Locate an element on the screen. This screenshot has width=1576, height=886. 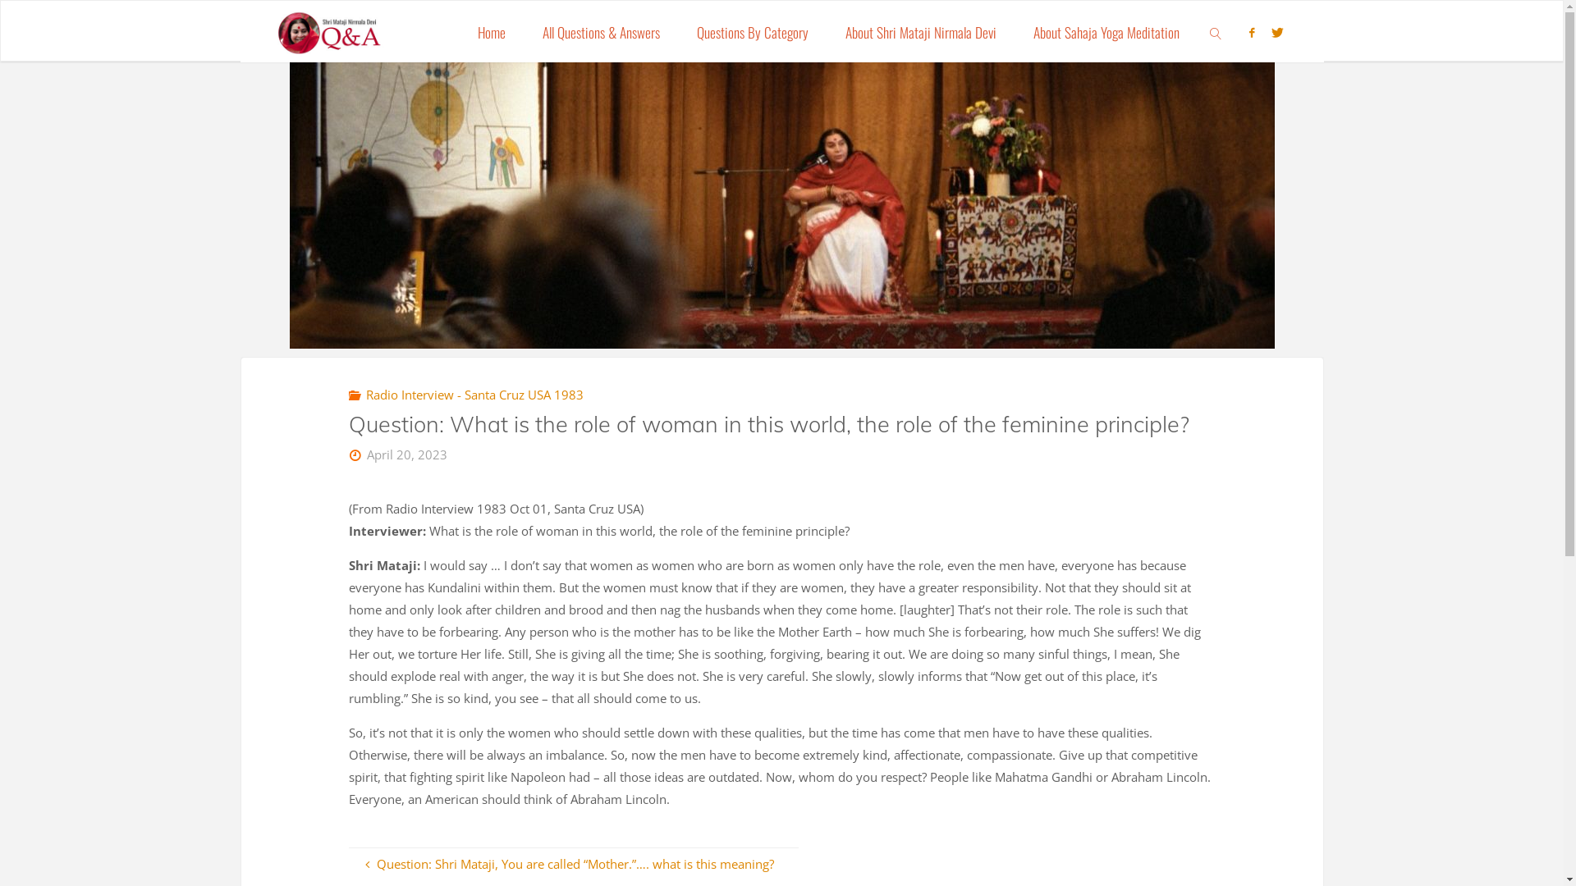
'Radio Interview - Santa Cruz USA 1983' is located at coordinates (362, 395).